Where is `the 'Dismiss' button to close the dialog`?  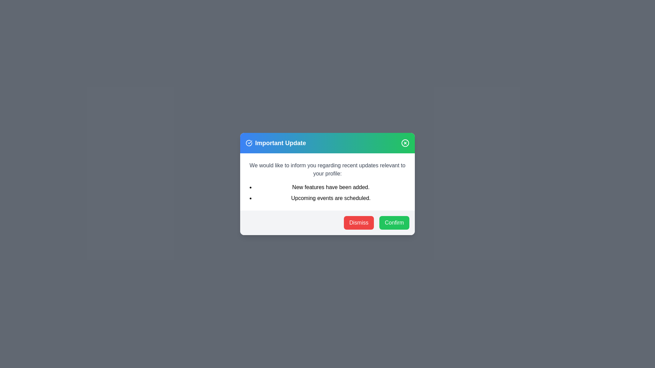
the 'Dismiss' button to close the dialog is located at coordinates (358, 223).